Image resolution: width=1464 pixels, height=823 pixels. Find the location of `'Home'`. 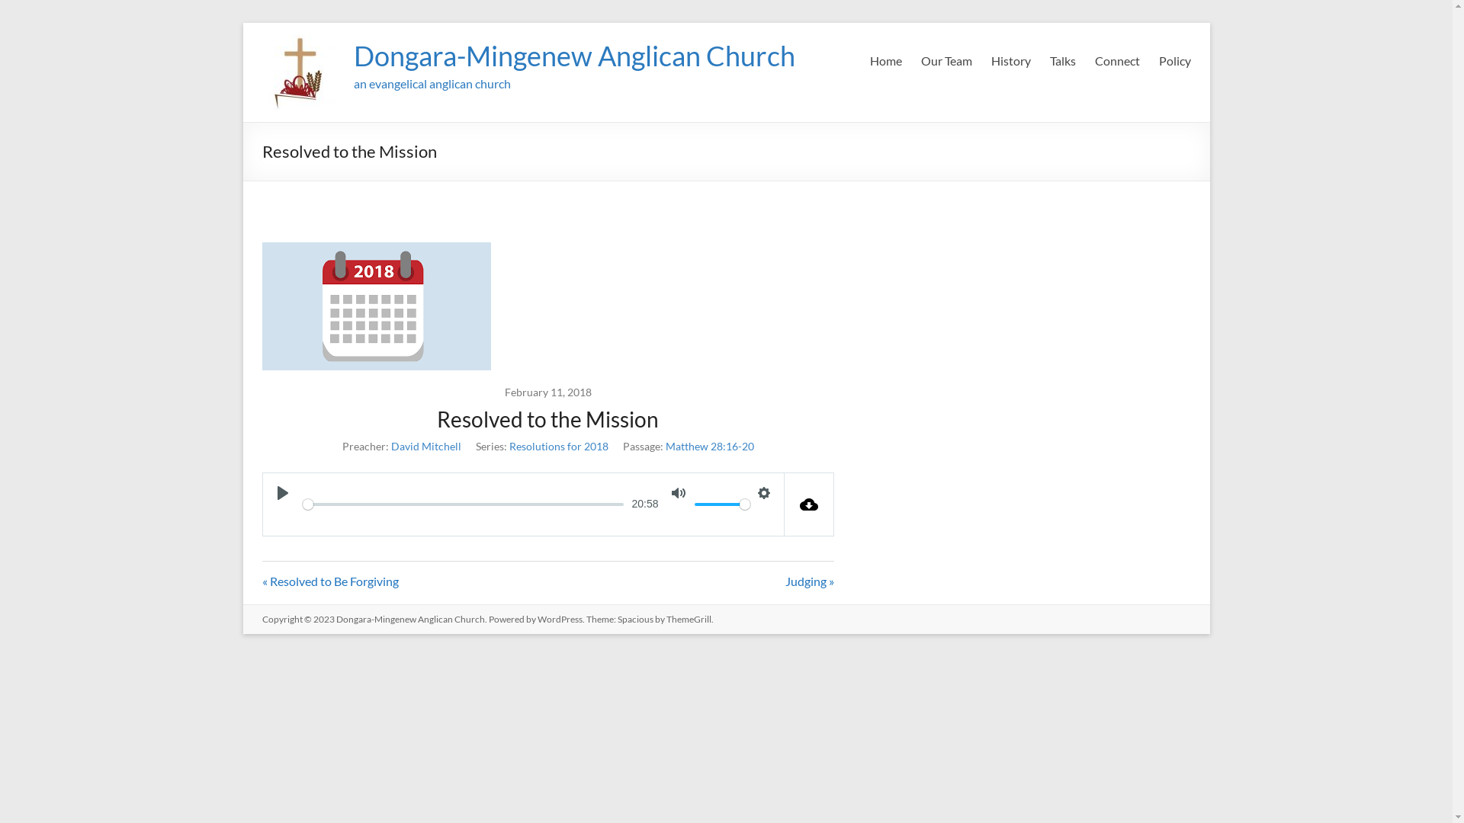

'Home' is located at coordinates (869, 60).